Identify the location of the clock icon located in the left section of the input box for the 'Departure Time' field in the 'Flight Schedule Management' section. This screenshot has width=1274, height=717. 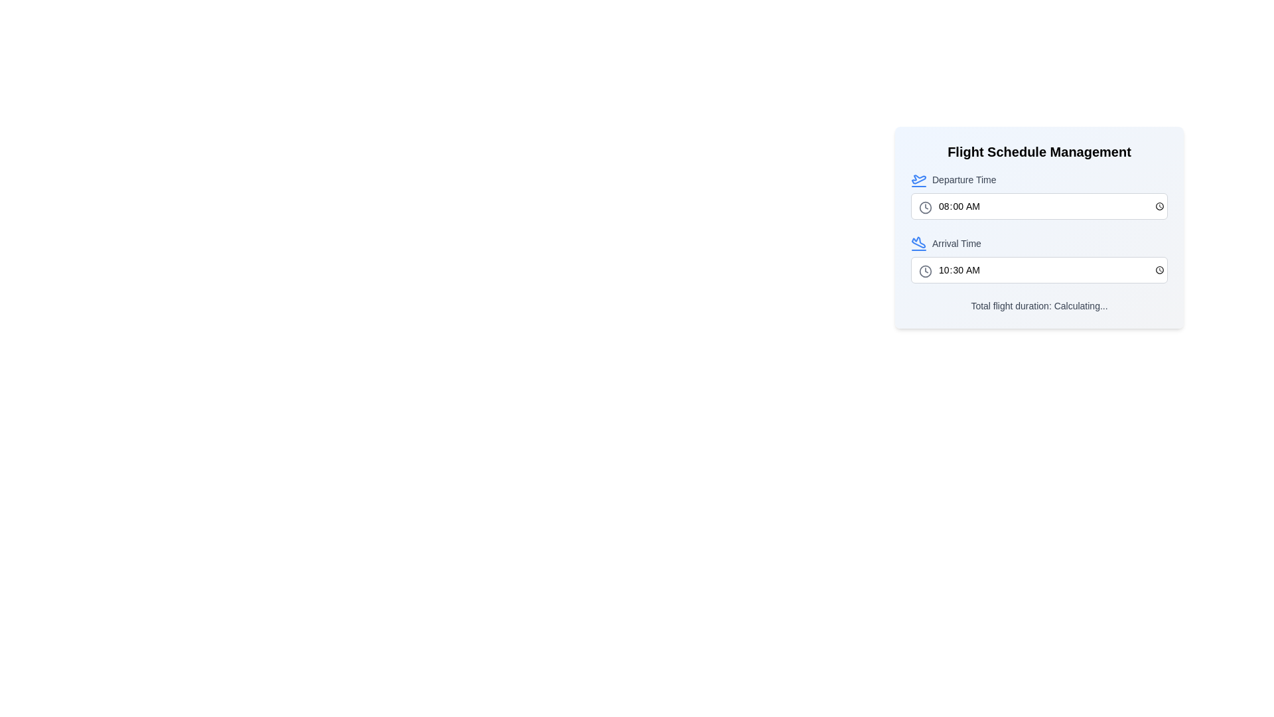
(925, 207).